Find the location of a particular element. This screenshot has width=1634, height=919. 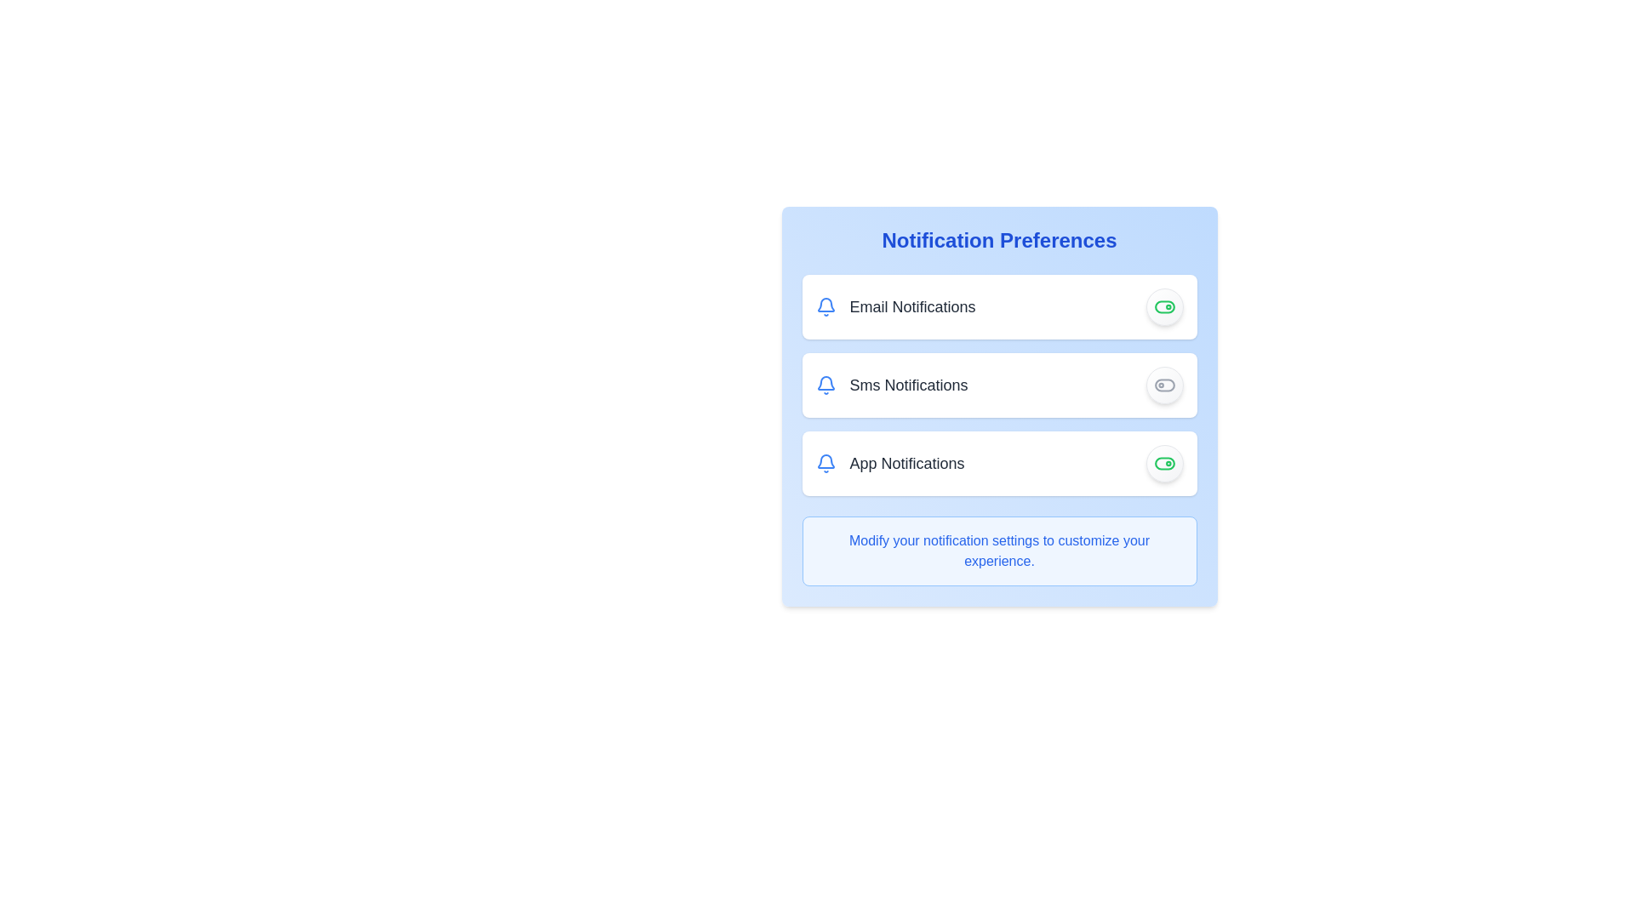

the information presented in the 'App Notifications' label with the bell icon, which is the third item under the 'Notification Preferences' section is located at coordinates (889, 463).